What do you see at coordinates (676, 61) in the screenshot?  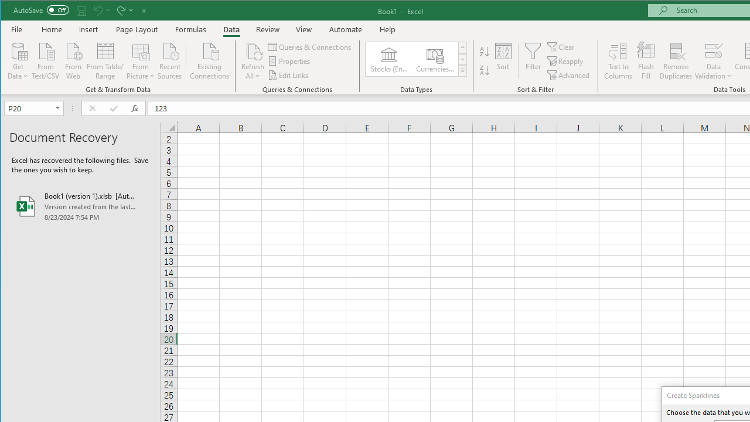 I see `'Remove Duplicates'` at bounding box center [676, 61].